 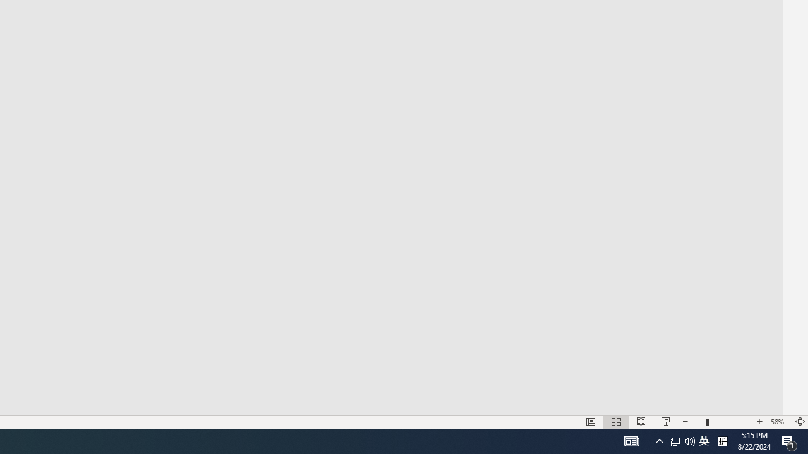 I want to click on 'Slide Sorter', so click(x=616, y=422).